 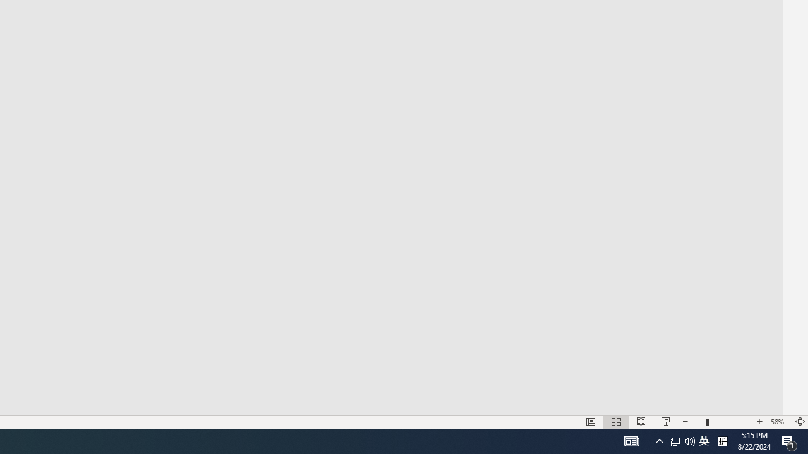 I want to click on 'Slide Sorter', so click(x=616, y=422).